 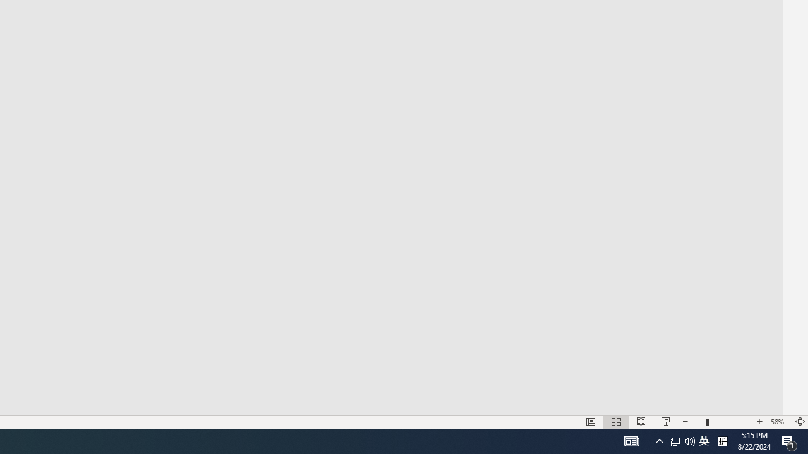 I want to click on 'Slide Sorter', so click(x=616, y=422).